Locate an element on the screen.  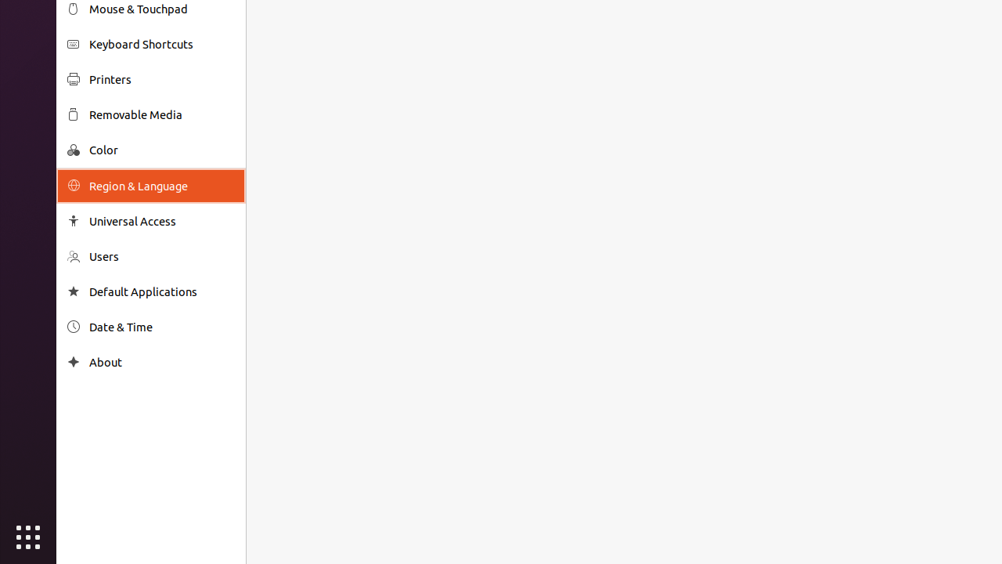
'Universal Access' is located at coordinates (161, 221).